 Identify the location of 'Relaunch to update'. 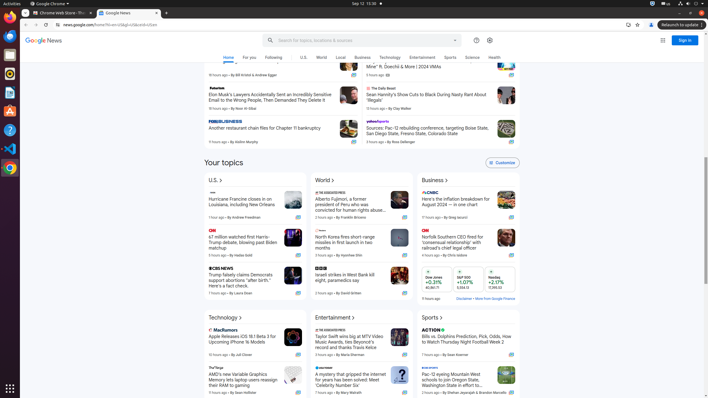
(682, 25).